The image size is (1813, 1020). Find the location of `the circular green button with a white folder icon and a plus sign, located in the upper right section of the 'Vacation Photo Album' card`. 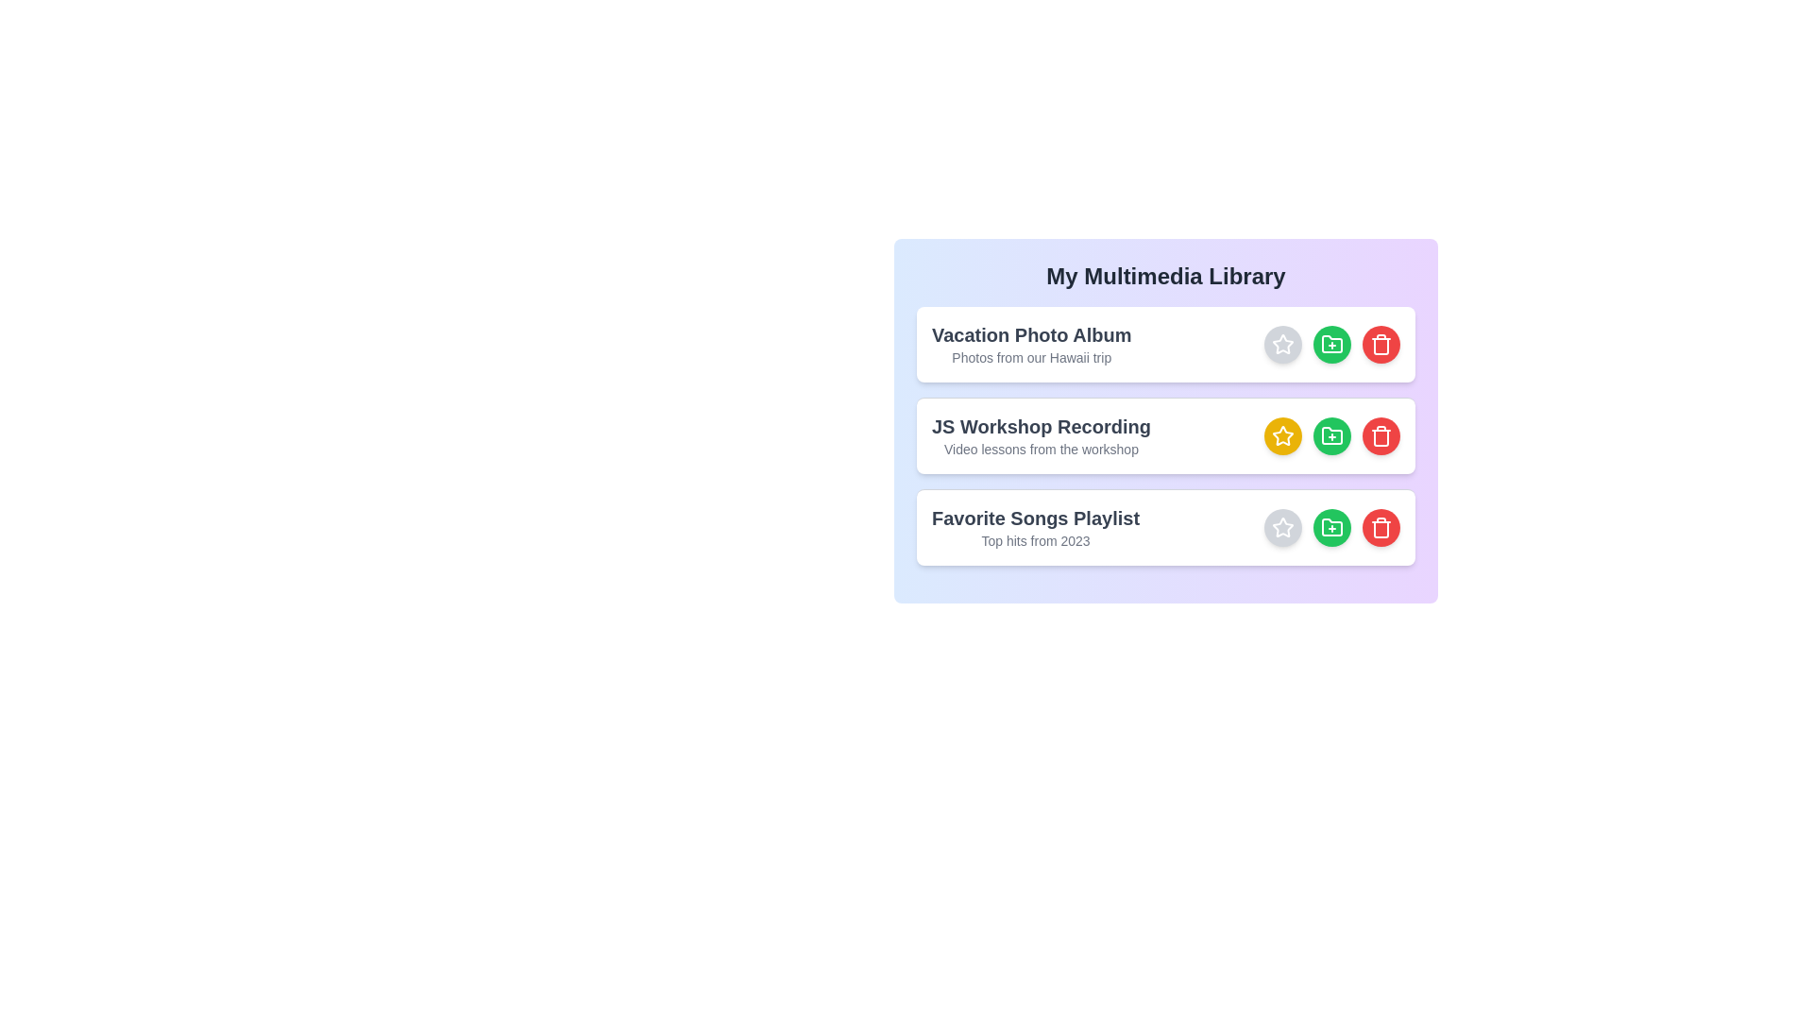

the circular green button with a white folder icon and a plus sign, located in the upper right section of the 'Vacation Photo Album' card is located at coordinates (1331, 345).